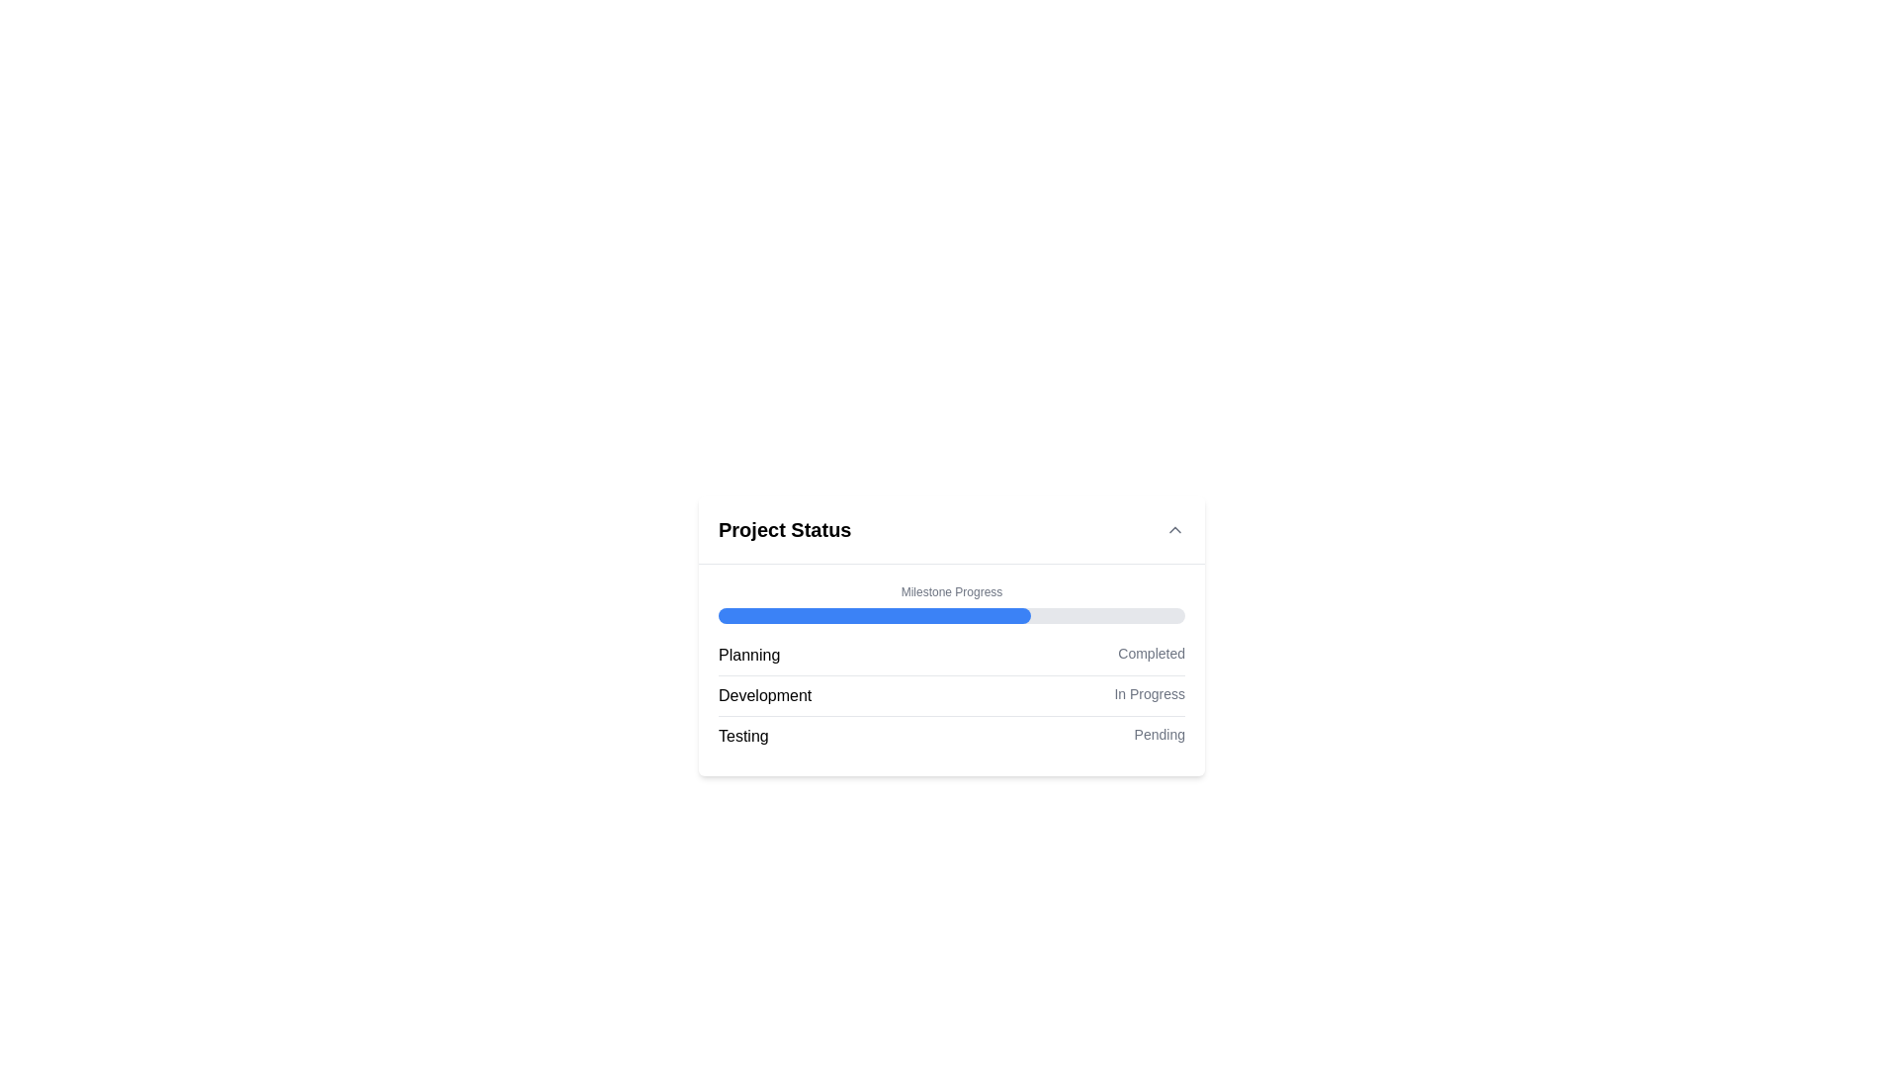  Describe the element at coordinates (952, 695) in the screenshot. I see `contents of the status update row labeled 'Development' under the 'Milestone Progress' section to understand the project's state` at that location.